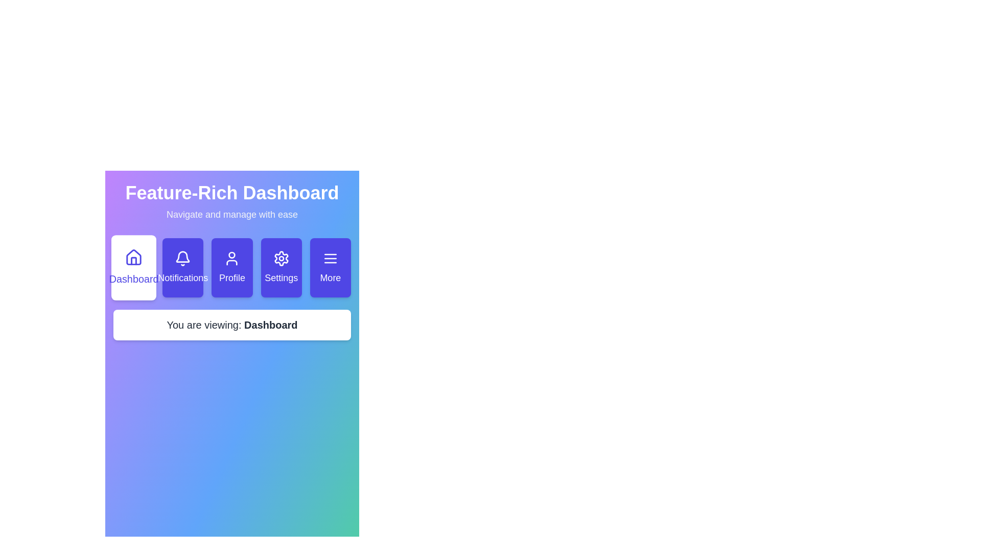 This screenshot has width=981, height=552. Describe the element at coordinates (133, 279) in the screenshot. I see `the text label that displays 'Dashboard', which is styled with a medium font weight and indigo color, located below a house-shaped icon` at that location.